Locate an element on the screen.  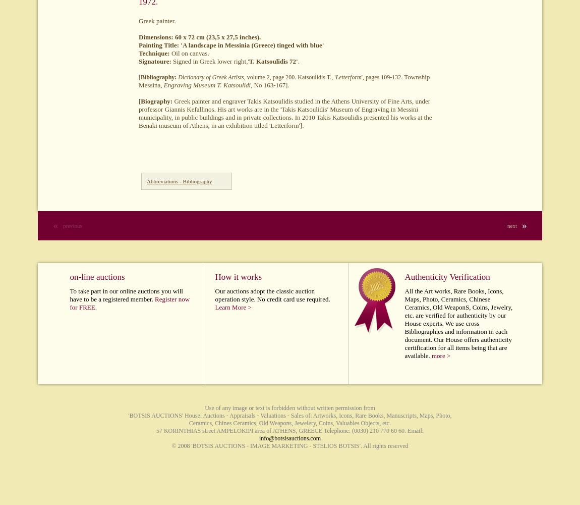
'Our auctions adopt the classic auction operation style. No credit card use required.' is located at coordinates (272, 294).